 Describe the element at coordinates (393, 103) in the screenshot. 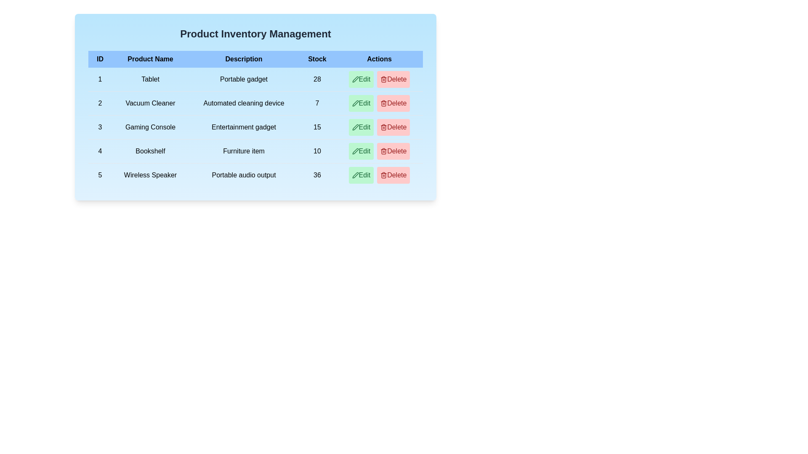

I see `the delete button located in the second row of the 'Actions' column in the table, which is to the right of the 'Edit' button, to observe the hover effects` at that location.